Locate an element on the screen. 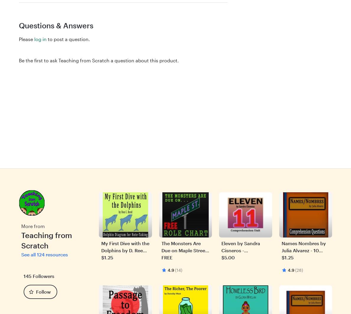 The height and width of the screenshot is (314, 351). '145' is located at coordinates (27, 276).